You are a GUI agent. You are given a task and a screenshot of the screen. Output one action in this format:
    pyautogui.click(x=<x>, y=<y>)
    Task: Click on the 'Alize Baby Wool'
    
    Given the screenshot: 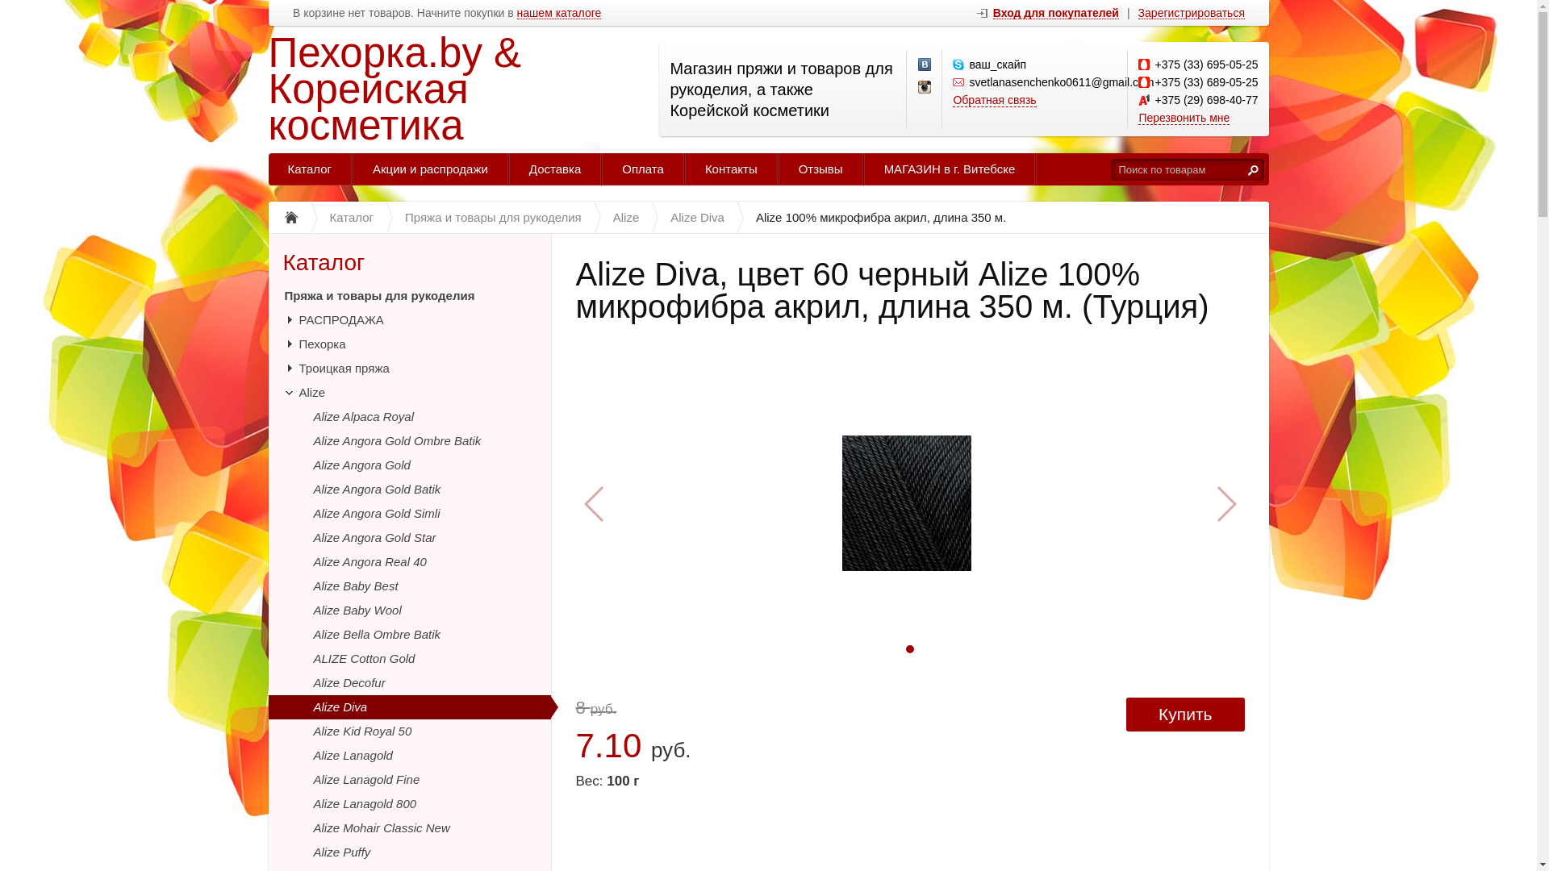 What is the action you would take?
    pyautogui.click(x=409, y=610)
    